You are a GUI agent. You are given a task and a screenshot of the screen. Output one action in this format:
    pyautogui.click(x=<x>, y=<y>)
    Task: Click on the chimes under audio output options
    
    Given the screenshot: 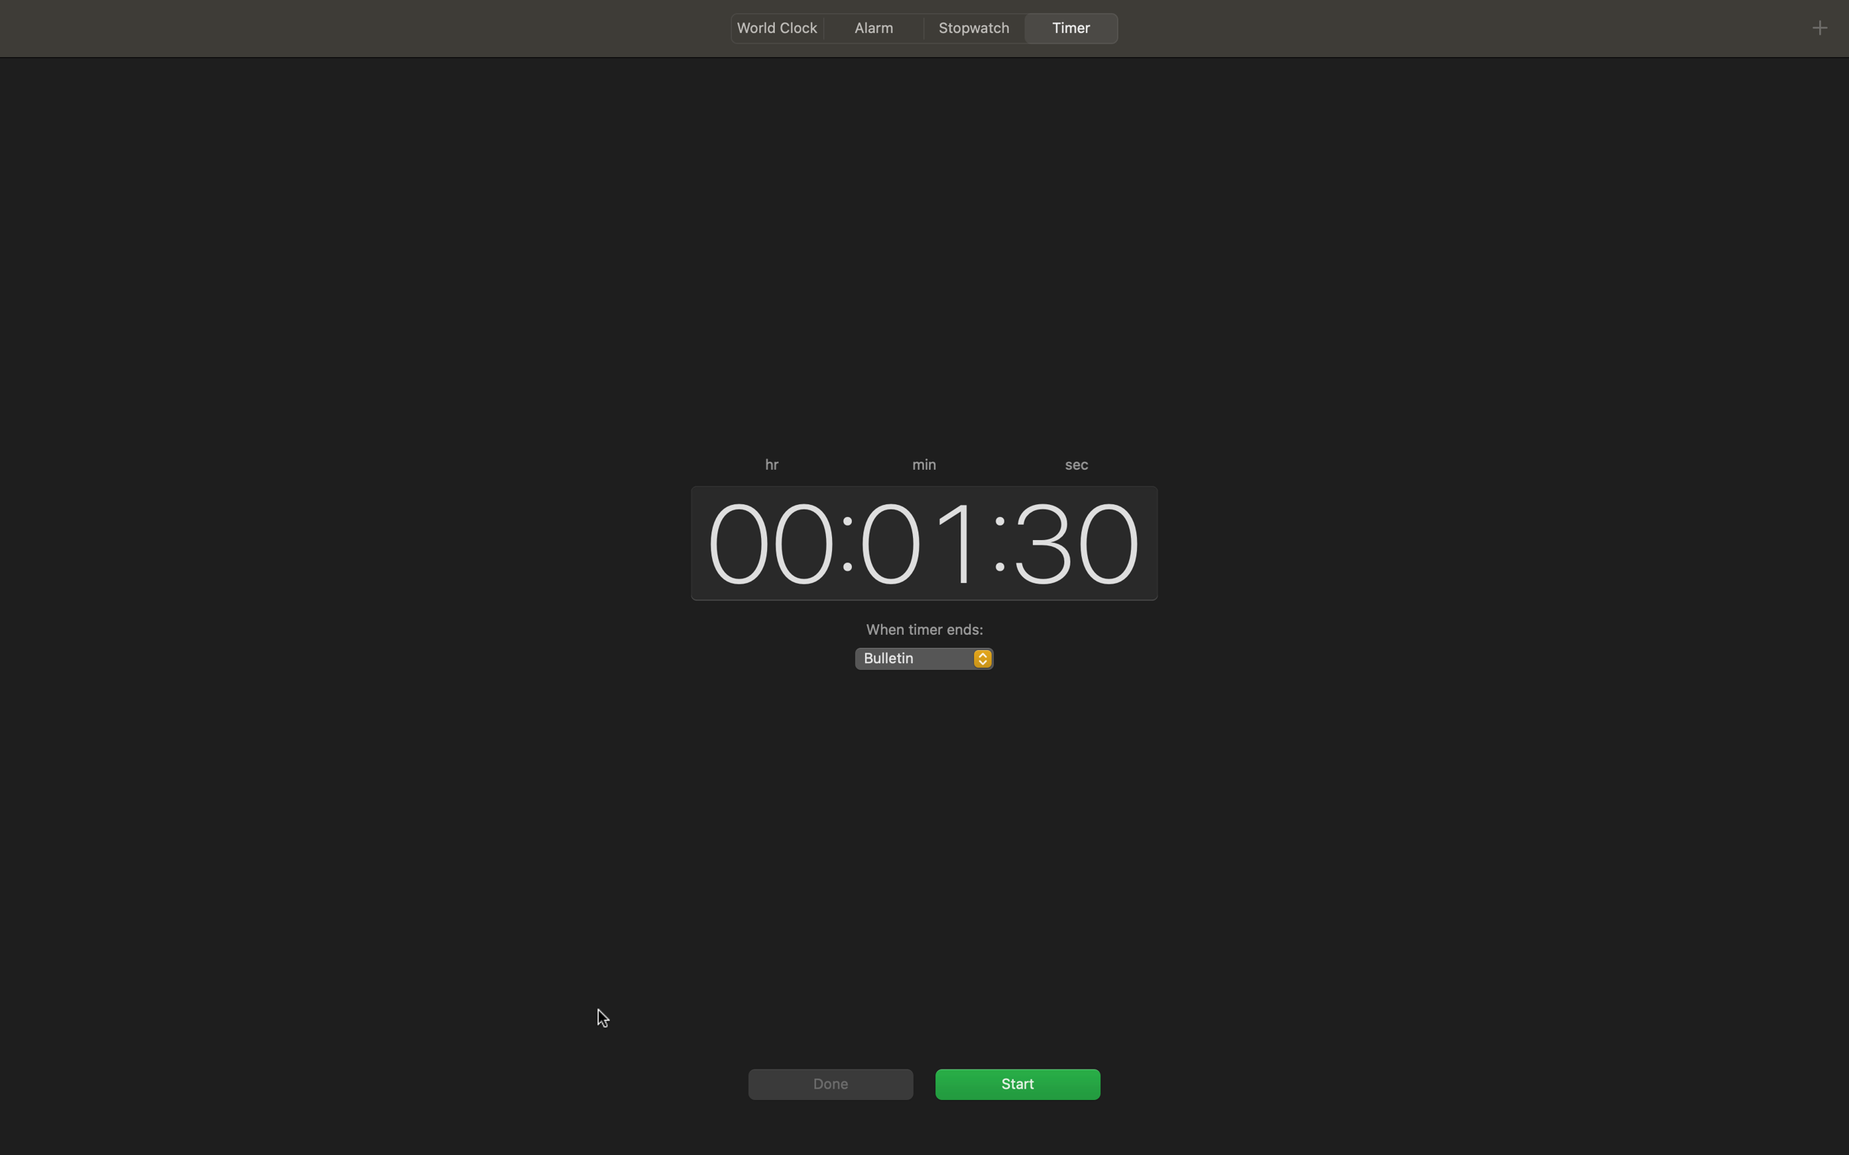 What is the action you would take?
    pyautogui.click(x=922, y=657)
    